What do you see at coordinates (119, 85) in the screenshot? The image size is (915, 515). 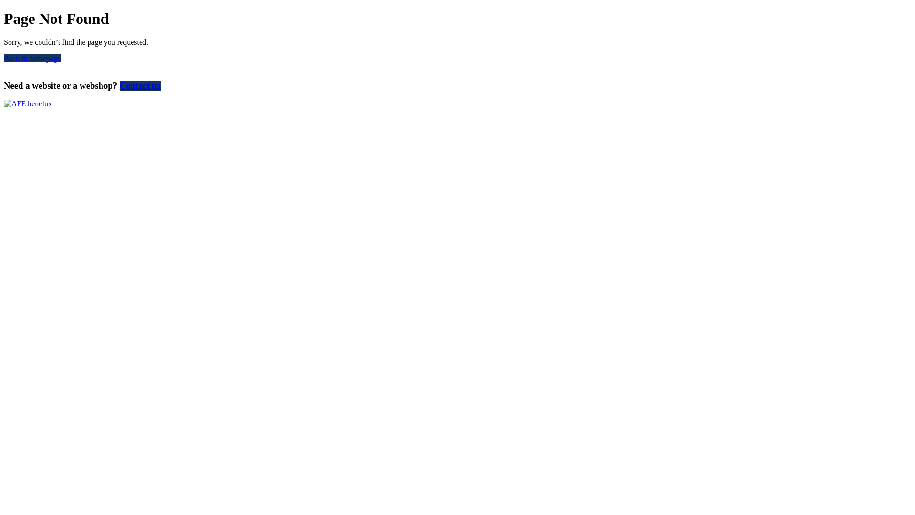 I see `'Contact us'` at bounding box center [119, 85].